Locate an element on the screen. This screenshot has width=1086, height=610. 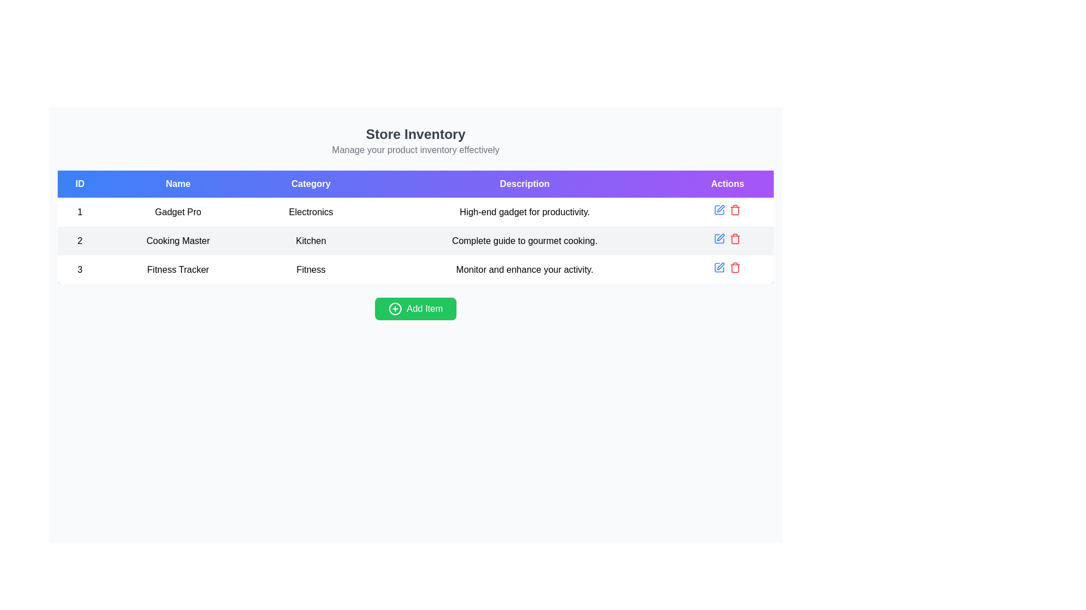
the red trash bin icon button located in the 'Actions' column of the second row, associated with the 'Cooking Master' item is located at coordinates (735, 238).